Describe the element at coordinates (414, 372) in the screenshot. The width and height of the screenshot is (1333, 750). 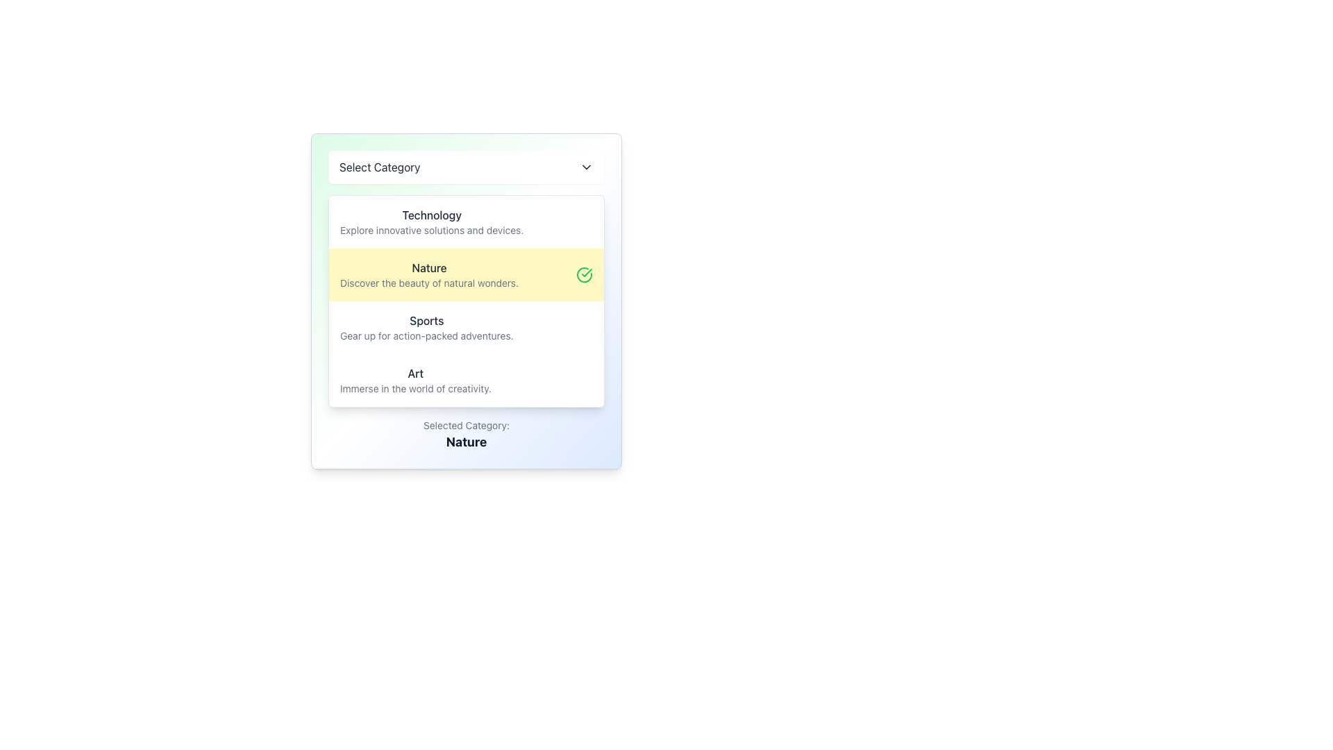
I see `category name displayed in the text label 'Art' located in the selectable list within the dropdown card` at that location.